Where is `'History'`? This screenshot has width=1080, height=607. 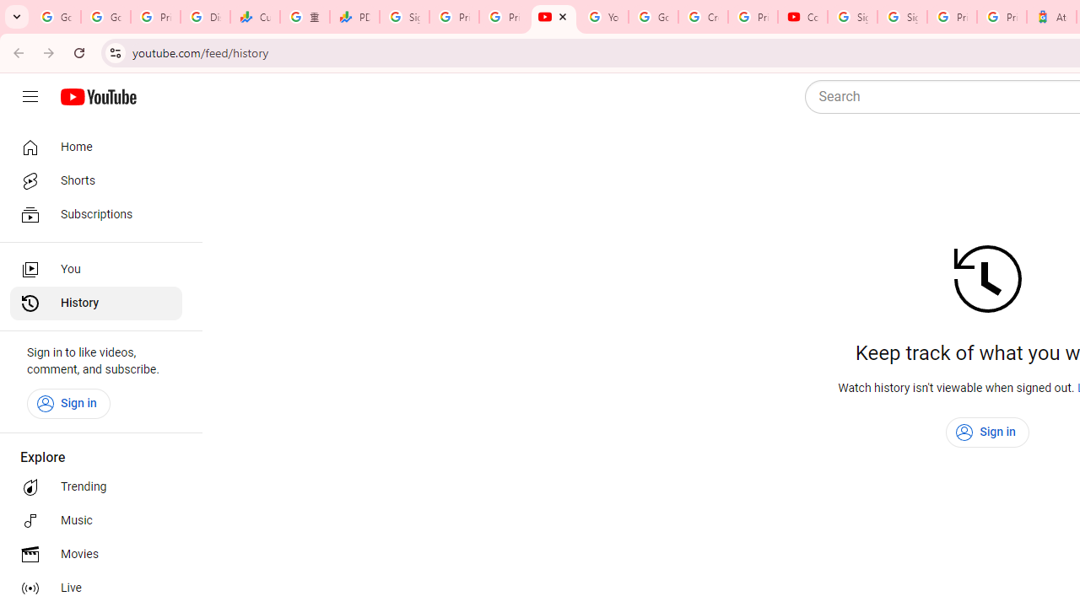 'History' is located at coordinates (94, 303).